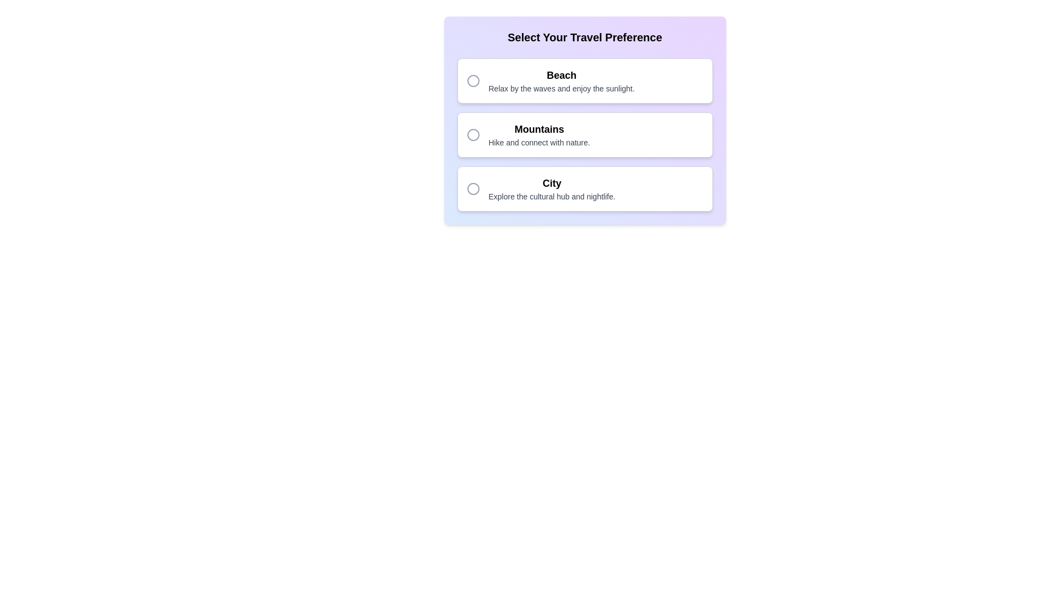  I want to click on the 'Mountains' radio button in the preference selection menu, so click(584, 134).